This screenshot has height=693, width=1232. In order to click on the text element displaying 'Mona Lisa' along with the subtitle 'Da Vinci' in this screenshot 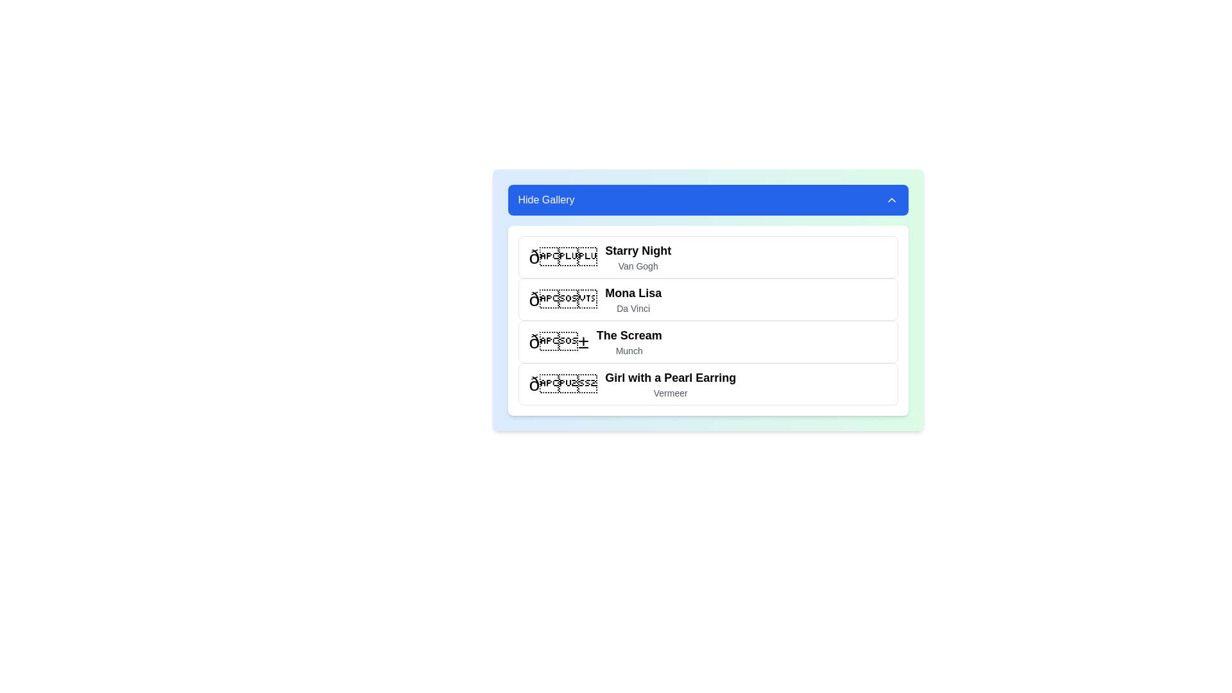, I will do `click(594, 299)`.